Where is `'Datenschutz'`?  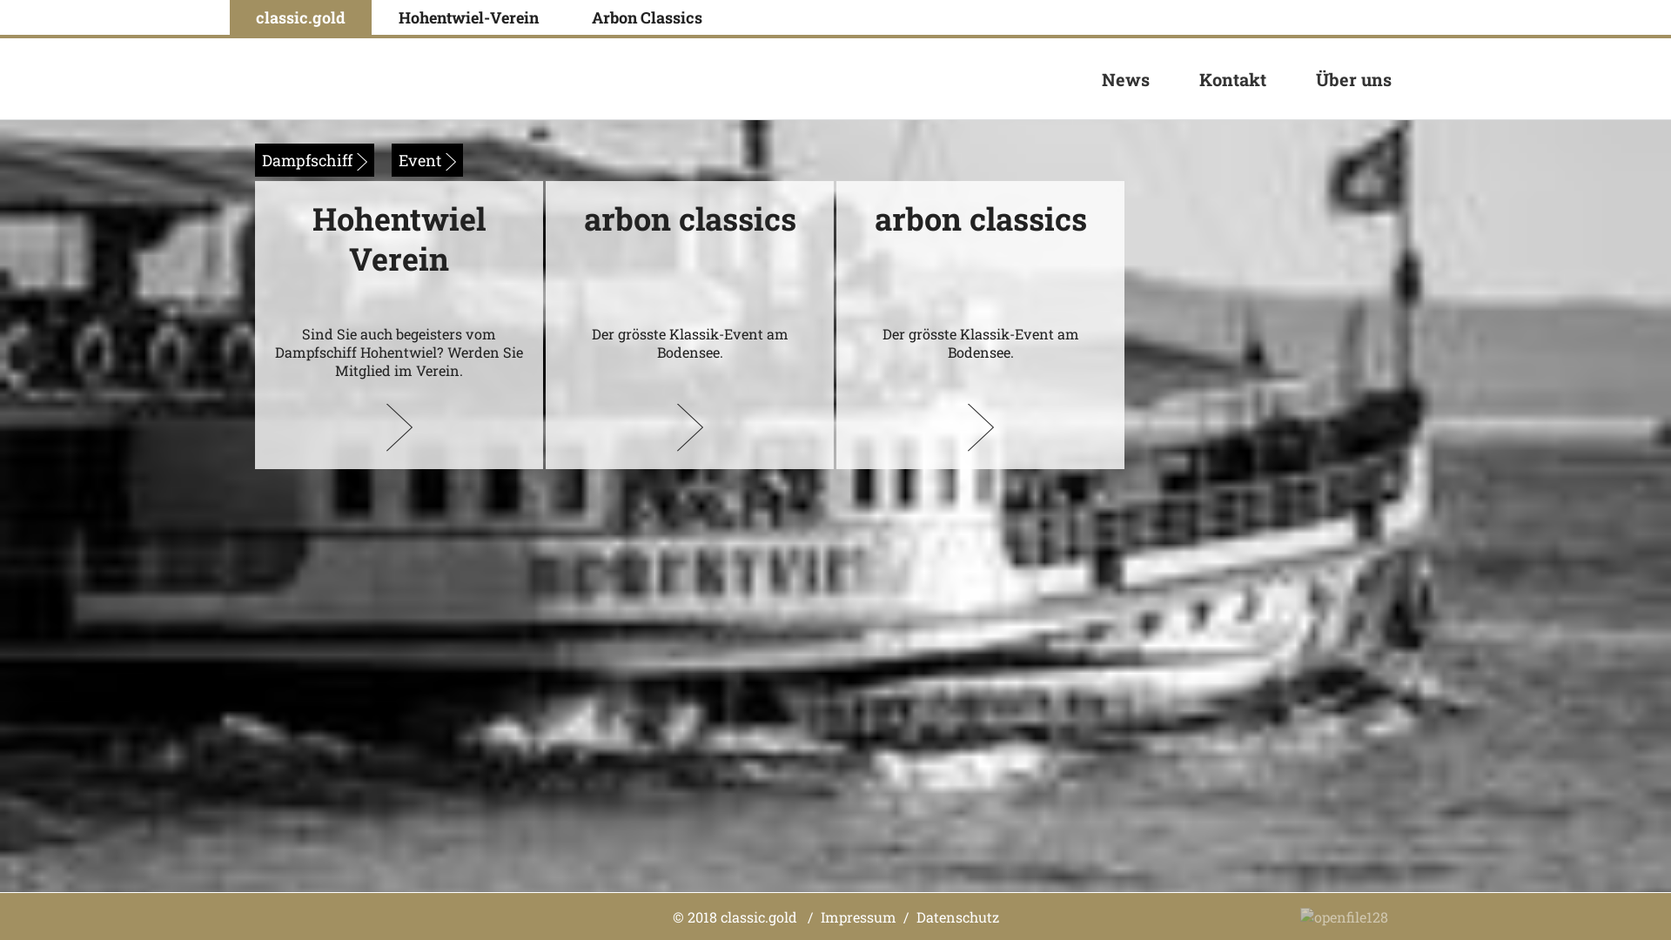 'Datenschutz' is located at coordinates (914, 915).